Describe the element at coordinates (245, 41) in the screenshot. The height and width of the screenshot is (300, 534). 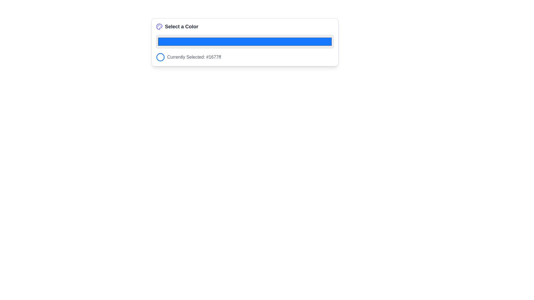
I see `the rectangular color input field with a blue fill and grey border, located below the 'Select a Color' title` at that location.